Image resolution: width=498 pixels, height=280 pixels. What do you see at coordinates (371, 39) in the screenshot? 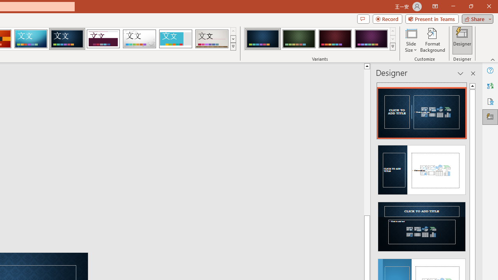
I see `'Damask Variant 4'` at bounding box center [371, 39].